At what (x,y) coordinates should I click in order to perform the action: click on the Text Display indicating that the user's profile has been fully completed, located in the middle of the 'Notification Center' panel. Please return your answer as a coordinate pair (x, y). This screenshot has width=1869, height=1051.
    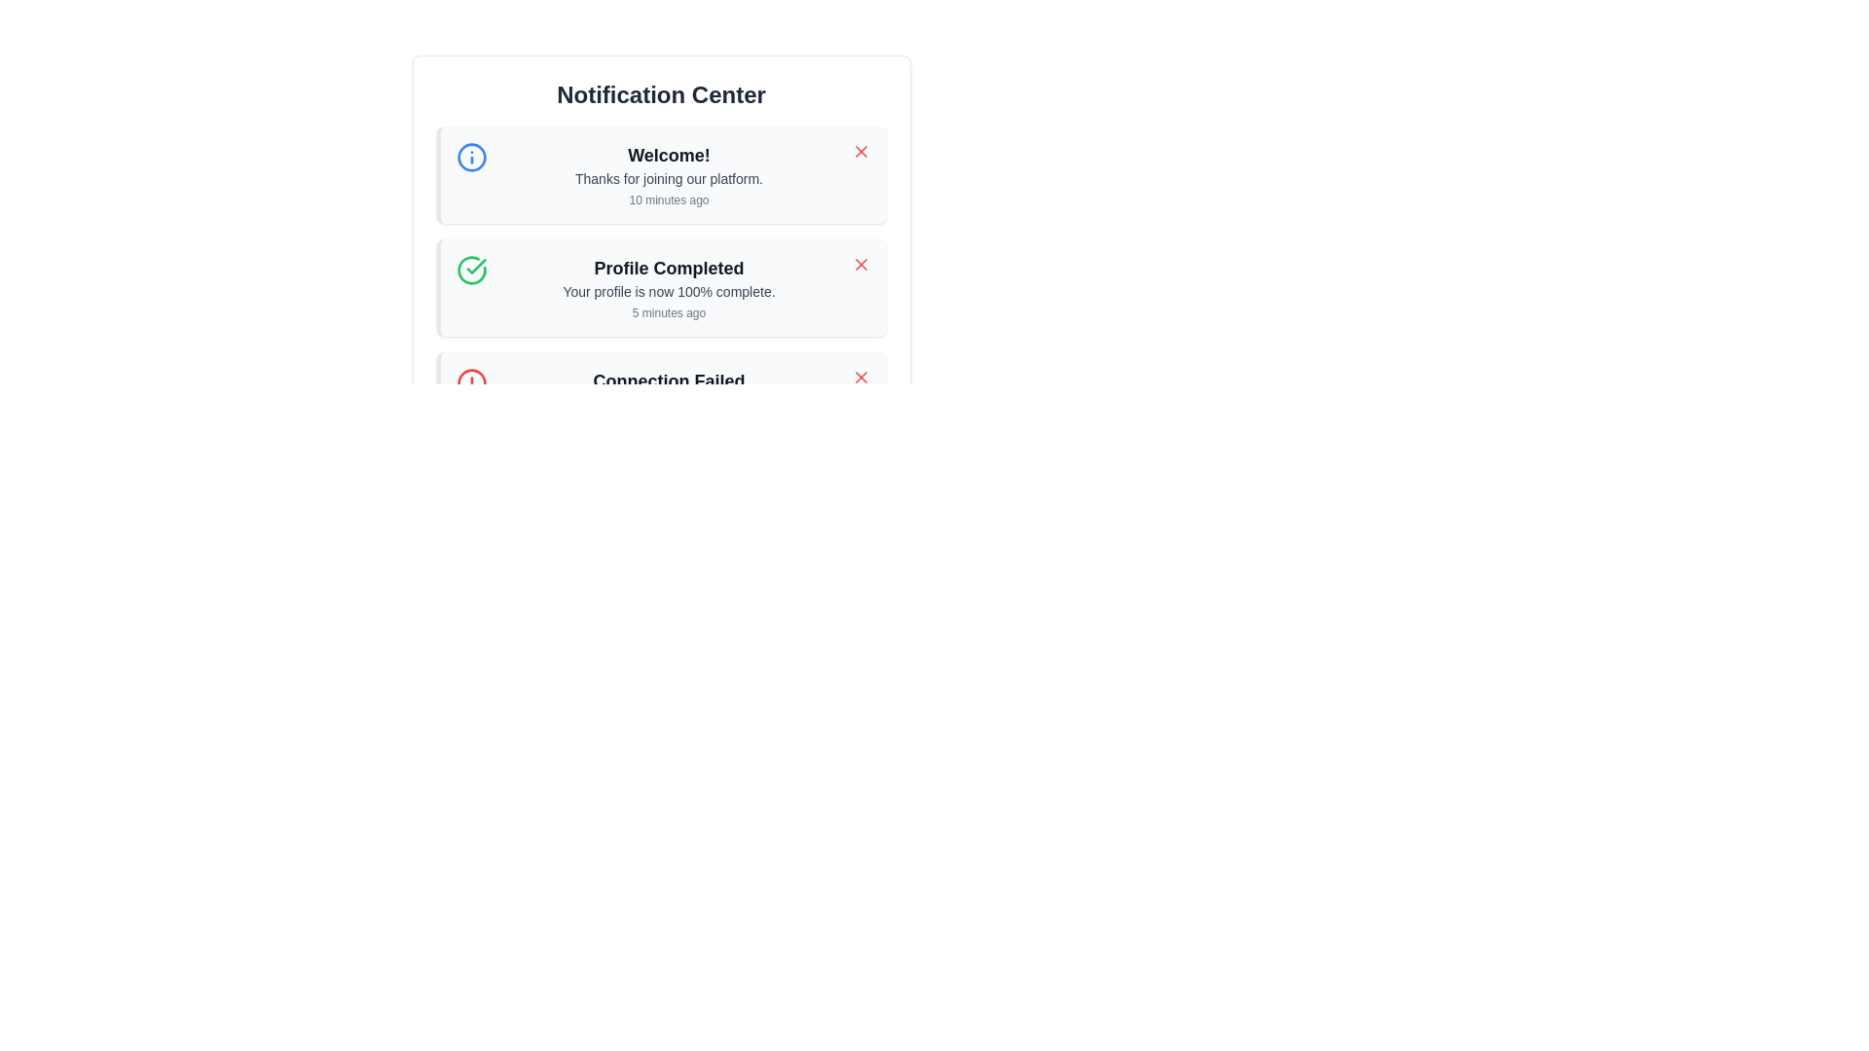
    Looking at the image, I should click on (669, 288).